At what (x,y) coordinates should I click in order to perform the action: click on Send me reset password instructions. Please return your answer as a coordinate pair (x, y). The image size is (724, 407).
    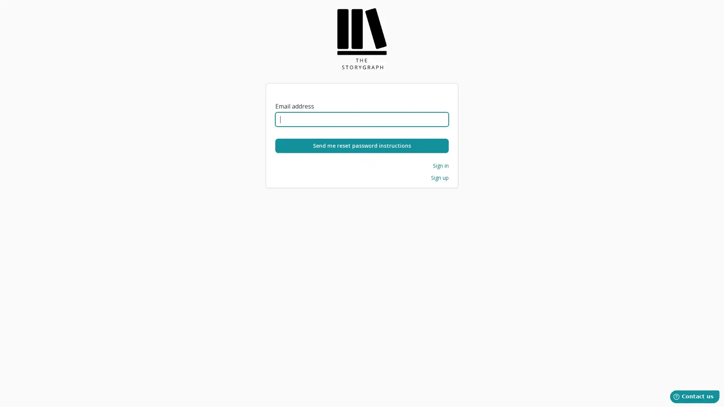
    Looking at the image, I should click on (362, 145).